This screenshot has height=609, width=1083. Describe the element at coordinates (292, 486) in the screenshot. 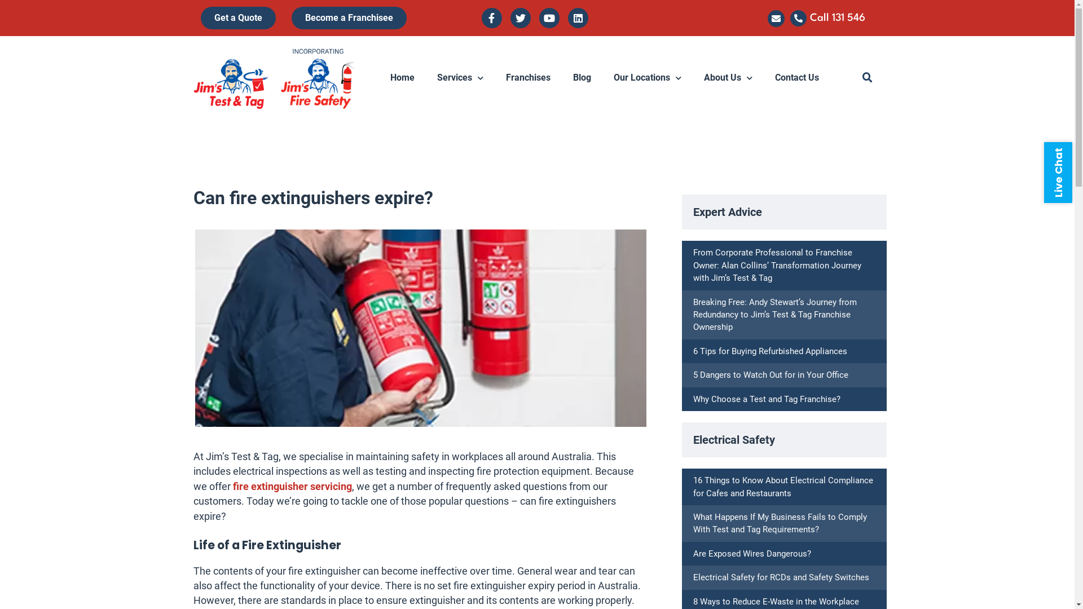

I see `'fire extinguisher servicing'` at that location.